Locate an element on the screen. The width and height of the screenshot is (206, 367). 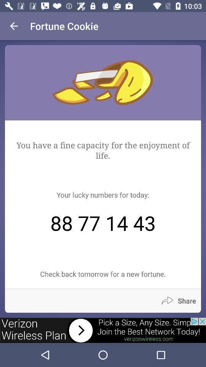
advertisement panel is located at coordinates (103, 330).